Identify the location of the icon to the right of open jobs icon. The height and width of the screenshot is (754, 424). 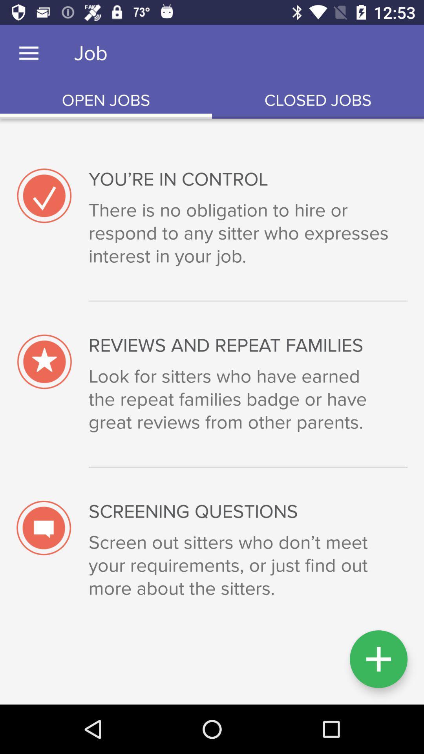
(318, 100).